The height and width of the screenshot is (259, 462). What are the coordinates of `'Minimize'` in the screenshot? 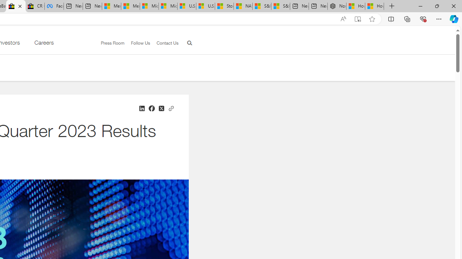 It's located at (420, 6).